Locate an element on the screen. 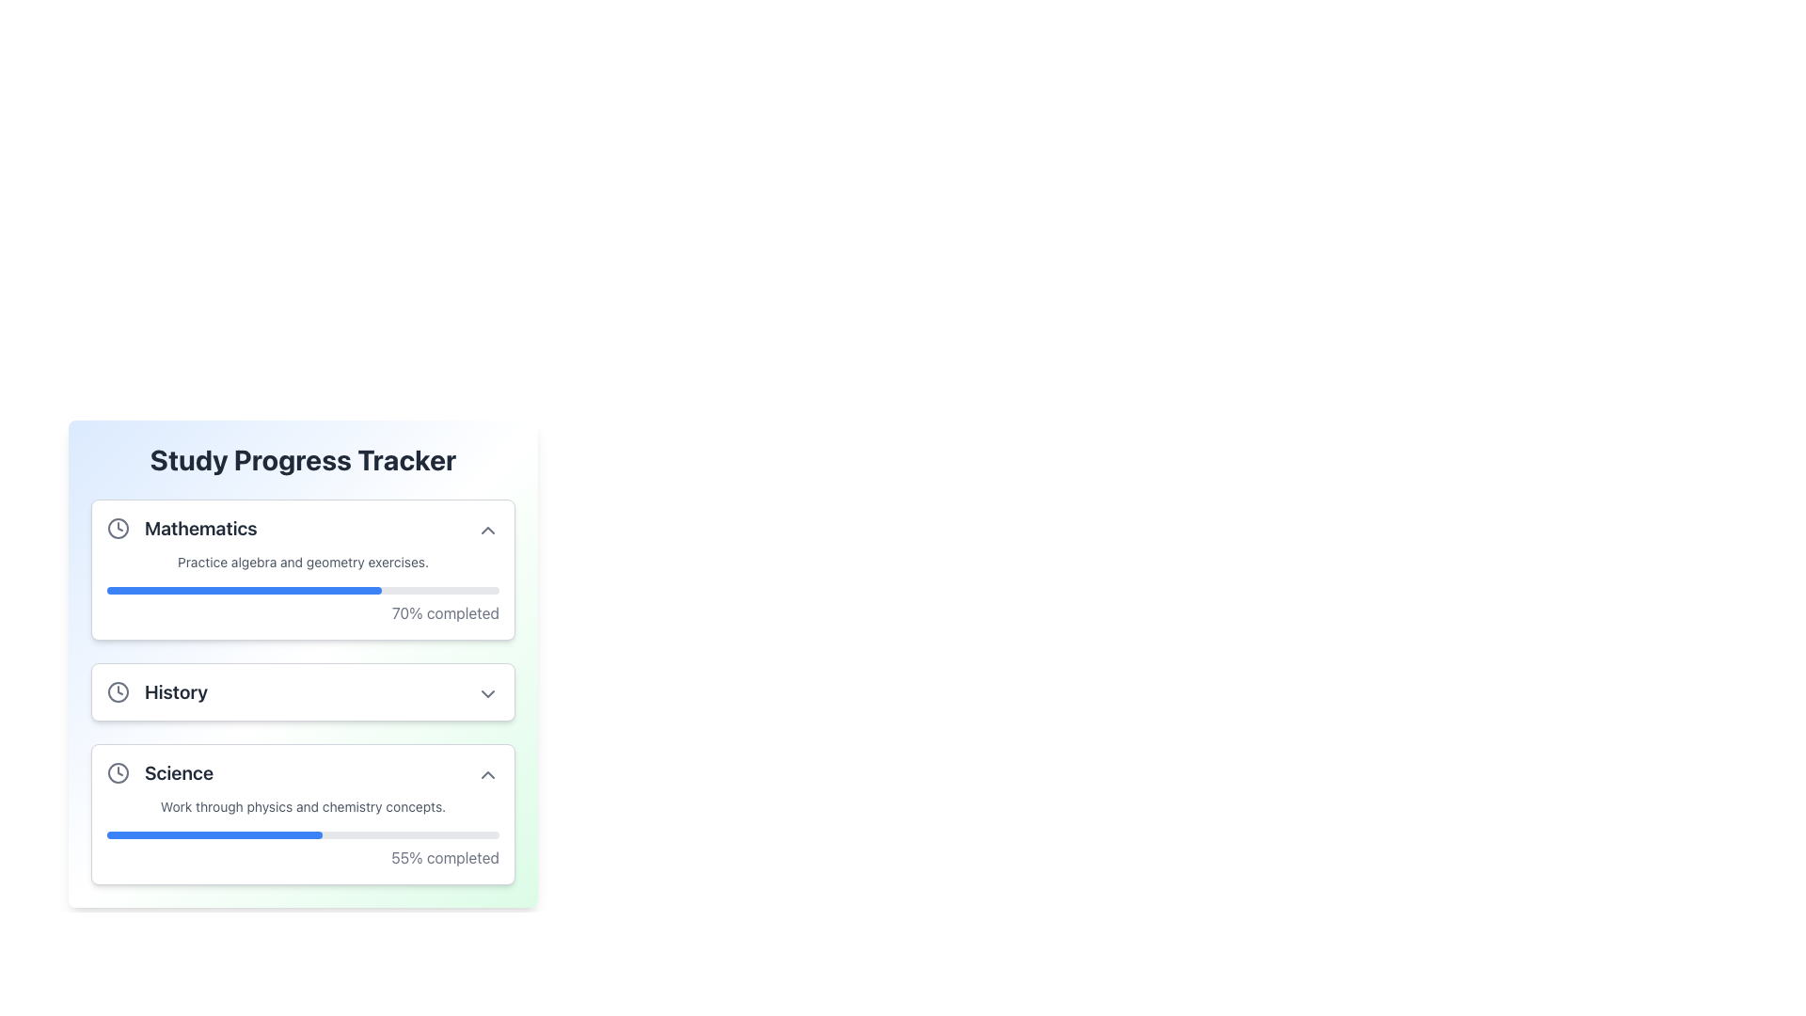 The image size is (1806, 1016). the progress bar within the 'Mathematics' card of the 'Study Progress Tracker' interface, which shows a completion status of 70% is located at coordinates (303, 587).